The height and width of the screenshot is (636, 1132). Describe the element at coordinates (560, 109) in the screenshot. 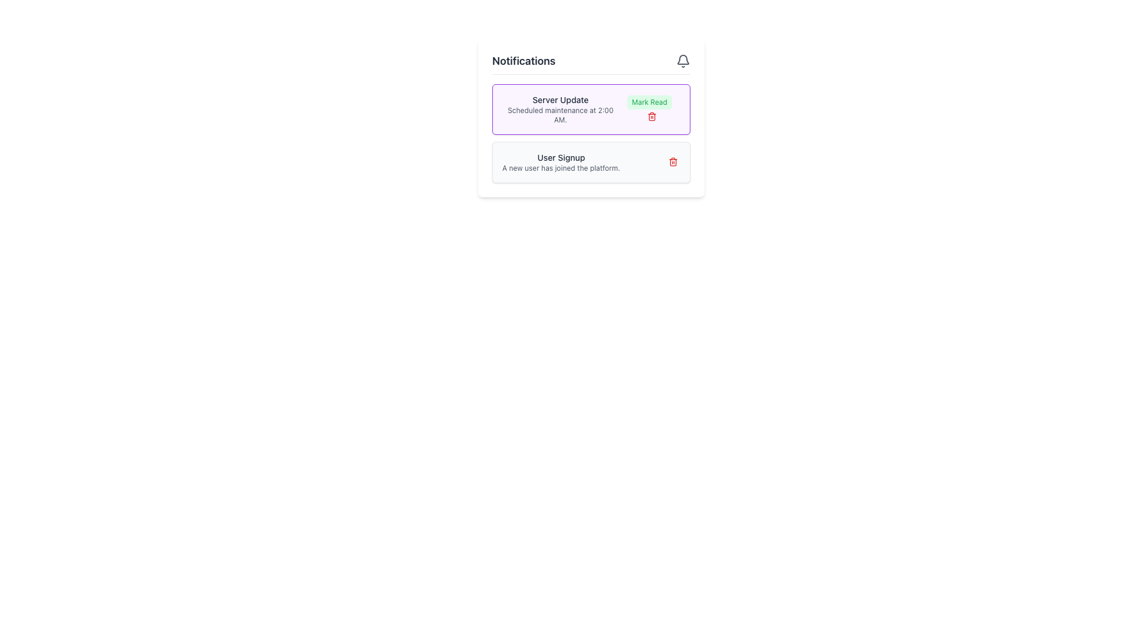

I see `the static text block within the notification card that displays the heading 'Server Update' and the description 'Scheduled maintenance at 2:00 AM.'` at that location.